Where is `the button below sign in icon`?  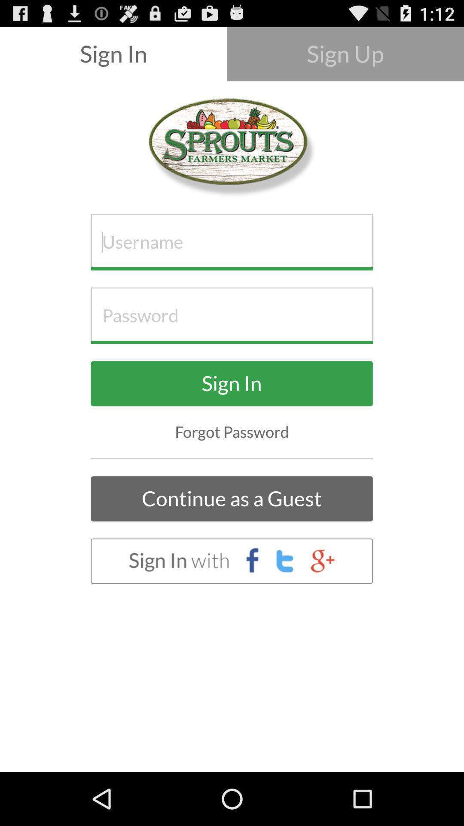
the button below sign in icon is located at coordinates (232, 432).